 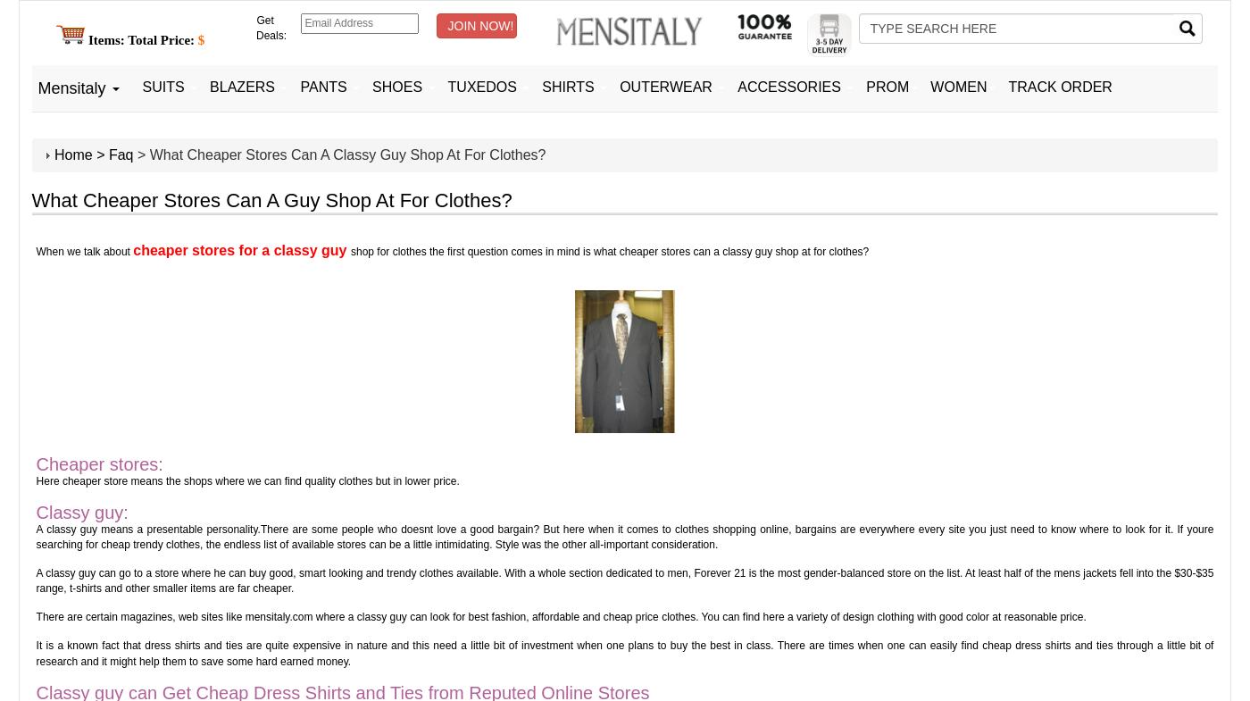 I want to click on 'A classy guy means a presentable personality.There are some people who doesnt love a good bargain? But here when it comes to clothes shopping online, bargains are everywhere every site  you just need to know where to look for it. If youre searching for cheap trendy clothes, the endless list of available stores can be a little intimidating. Style was the other all-important consideration.', so click(x=624, y=536).